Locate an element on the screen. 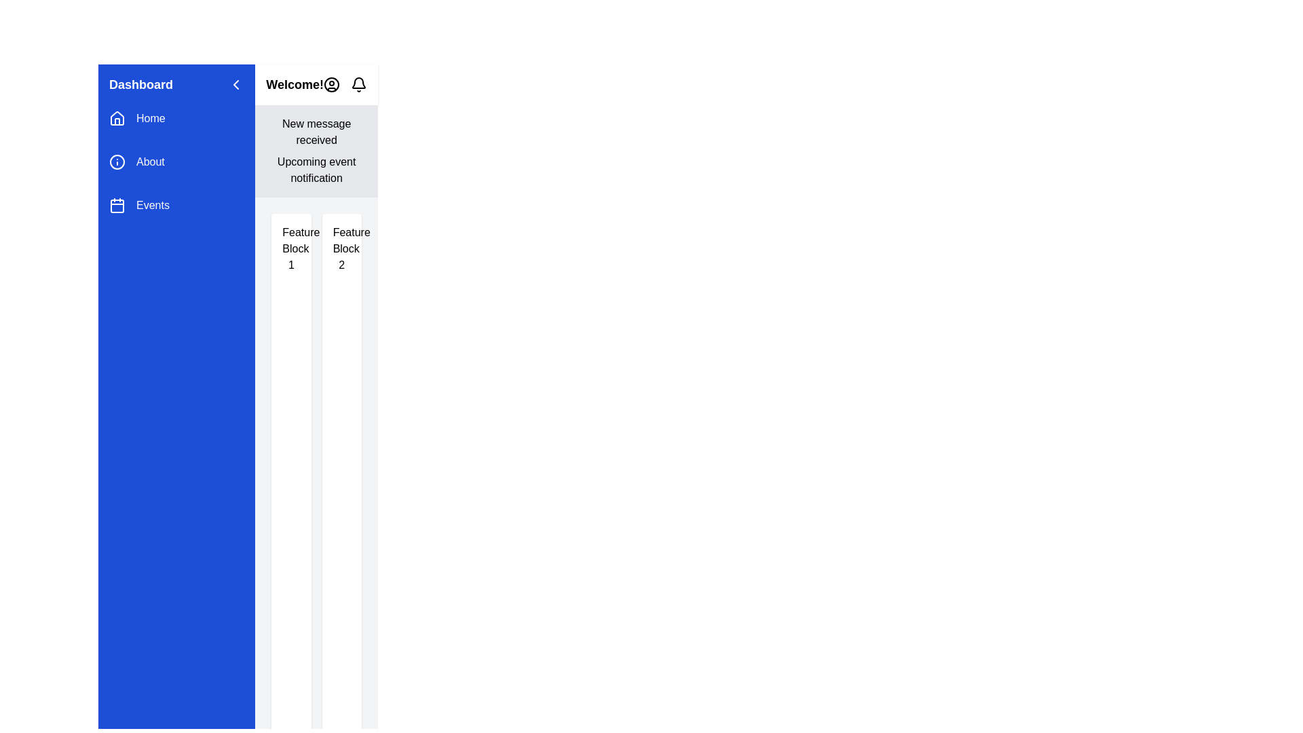 Image resolution: width=1303 pixels, height=733 pixels. the 'About' text element displayed in white font on a blue background within the sidebar menu is located at coordinates (150, 162).